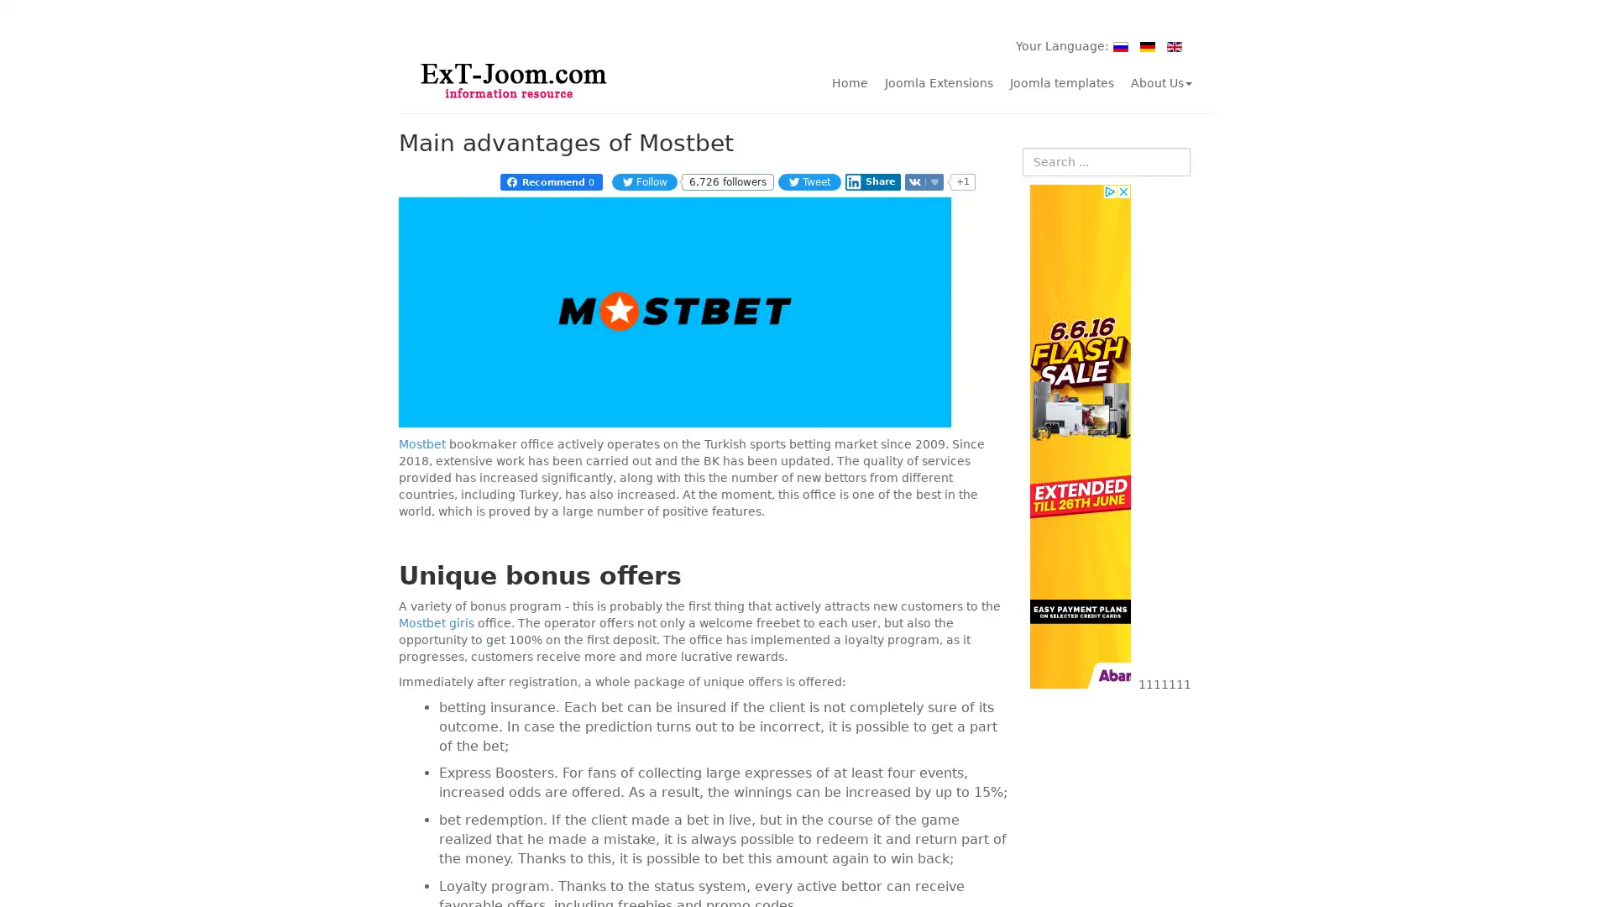  Describe the element at coordinates (872, 181) in the screenshot. I see `Share` at that location.